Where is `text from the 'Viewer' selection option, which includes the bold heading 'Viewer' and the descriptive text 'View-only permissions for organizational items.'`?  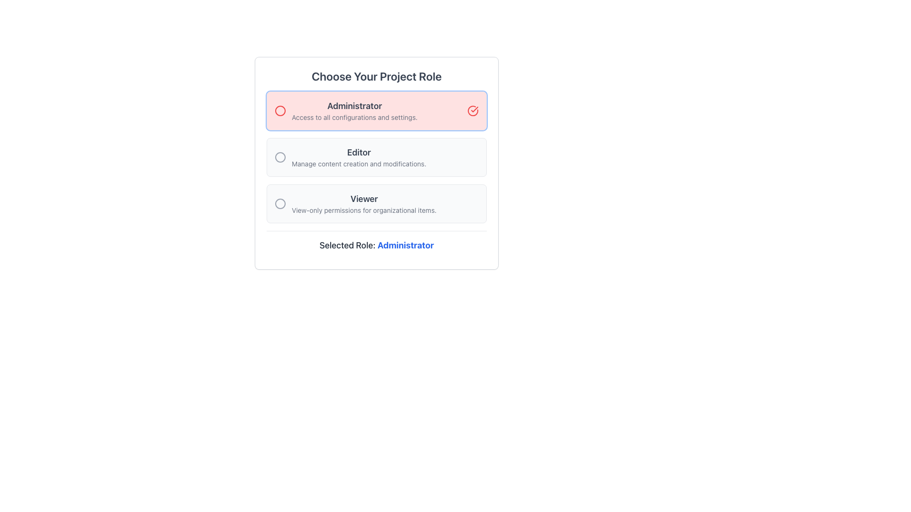 text from the 'Viewer' selection option, which includes the bold heading 'Viewer' and the descriptive text 'View-only permissions for organizational items.' is located at coordinates (363, 203).